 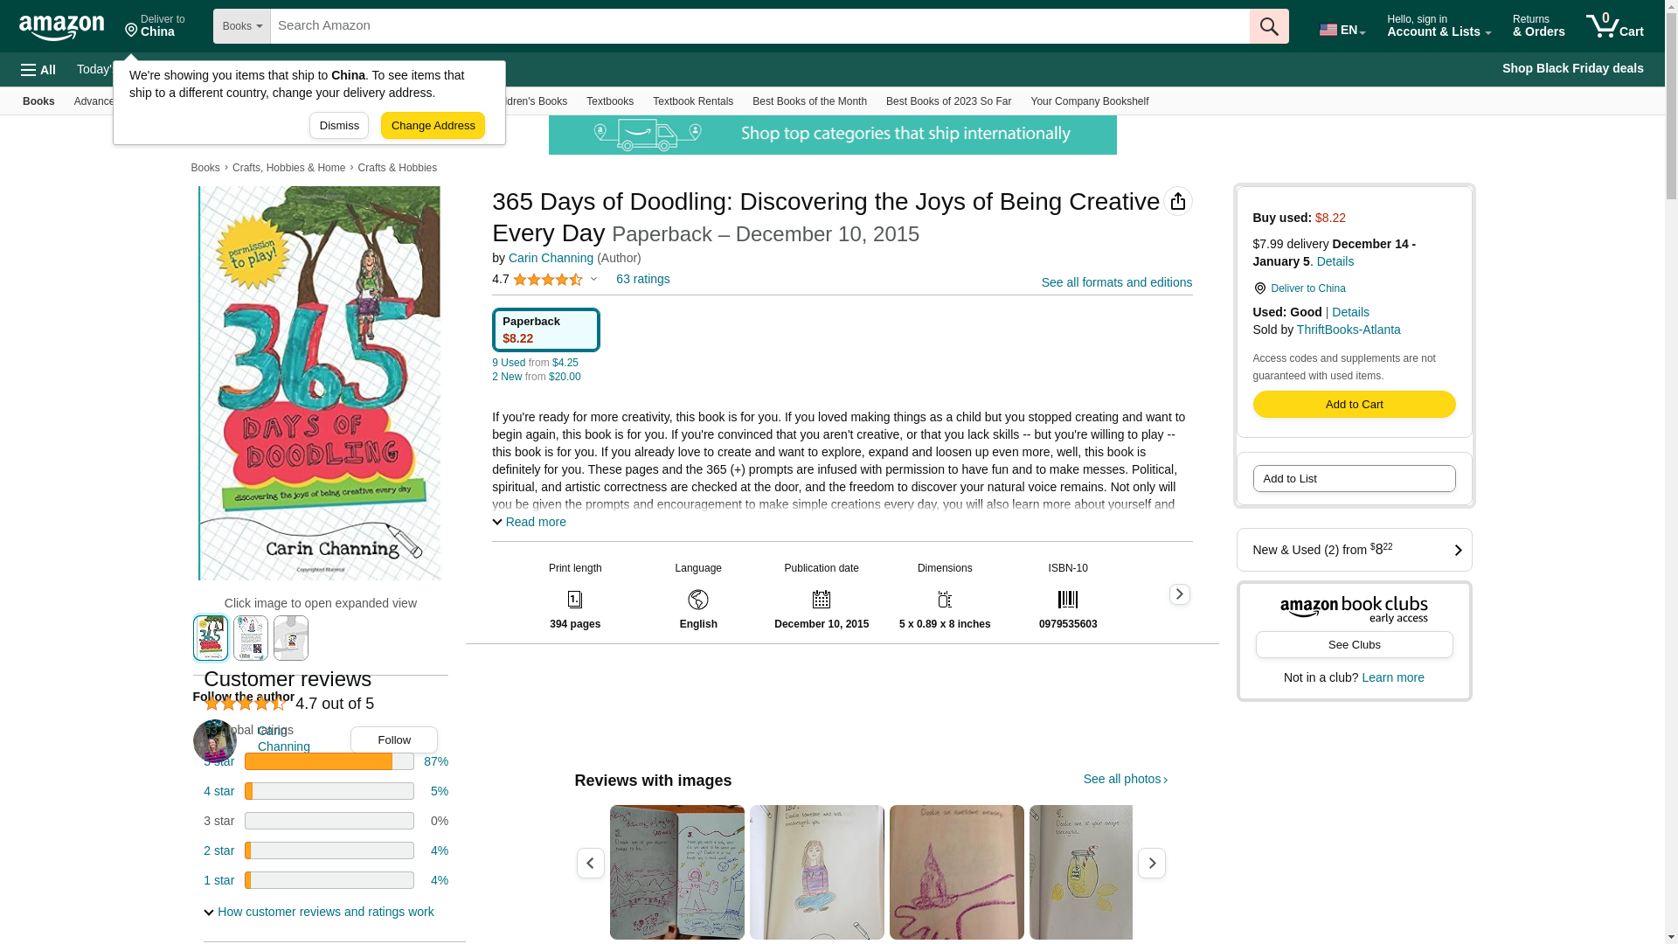 What do you see at coordinates (1269, 26) in the screenshot?
I see `'Go'` at bounding box center [1269, 26].